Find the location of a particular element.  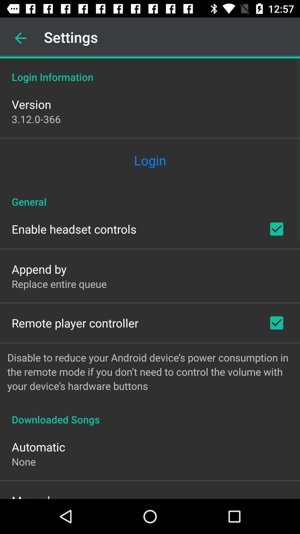

the icon to the left of settings is located at coordinates (20, 38).